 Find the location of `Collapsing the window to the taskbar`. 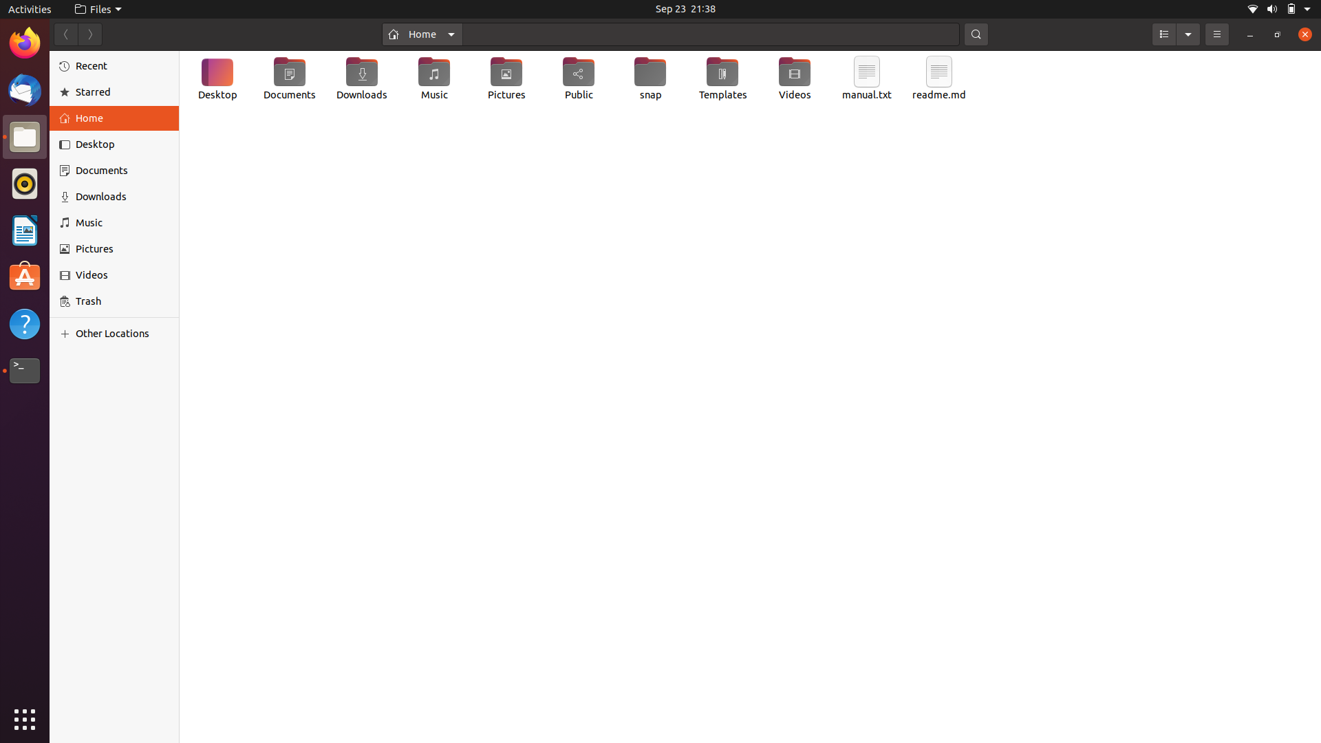

Collapsing the window to the taskbar is located at coordinates (1249, 34).